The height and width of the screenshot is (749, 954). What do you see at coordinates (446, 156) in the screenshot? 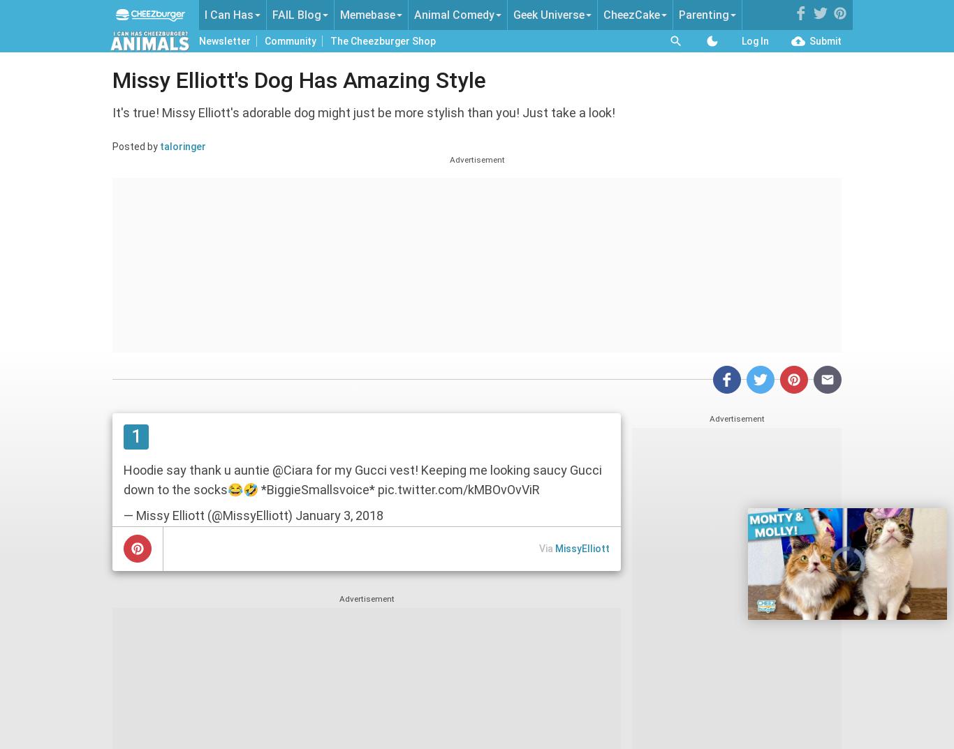
I see `'Pet Passports'` at bounding box center [446, 156].